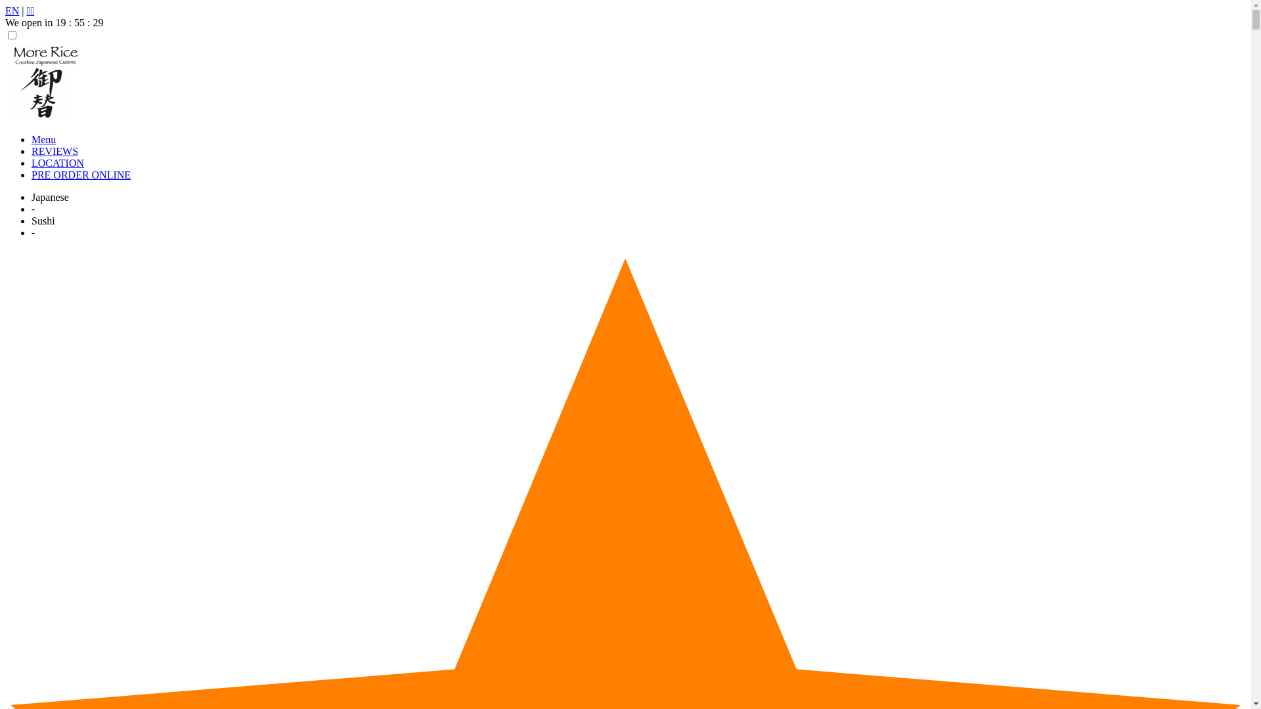 This screenshot has width=1261, height=709. Describe the element at coordinates (12, 11) in the screenshot. I see `'EN'` at that location.